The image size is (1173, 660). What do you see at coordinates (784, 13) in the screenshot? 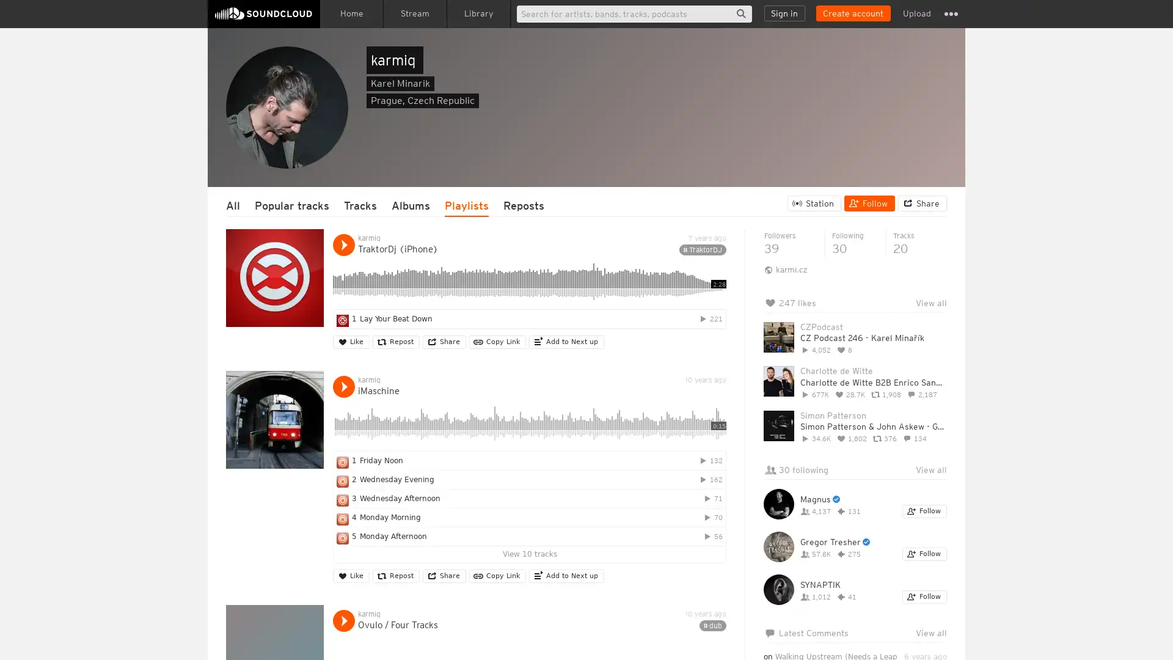
I see `Sign in` at bounding box center [784, 13].